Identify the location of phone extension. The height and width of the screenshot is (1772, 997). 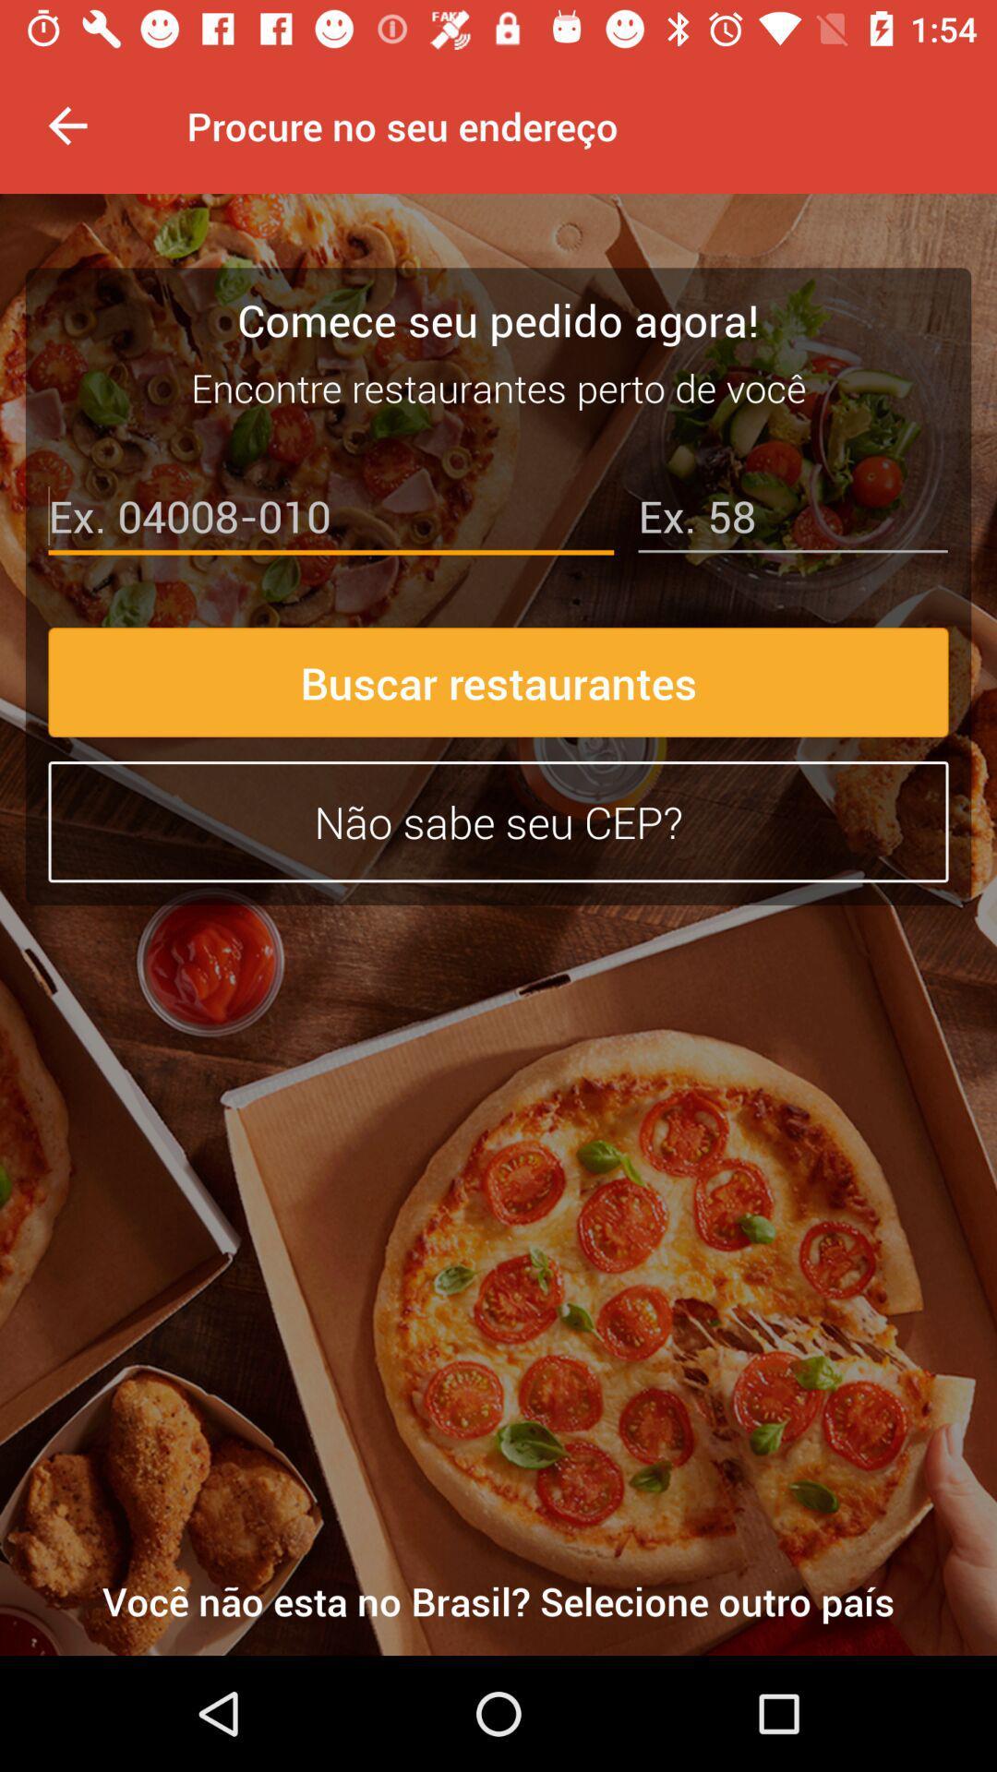
(792, 520).